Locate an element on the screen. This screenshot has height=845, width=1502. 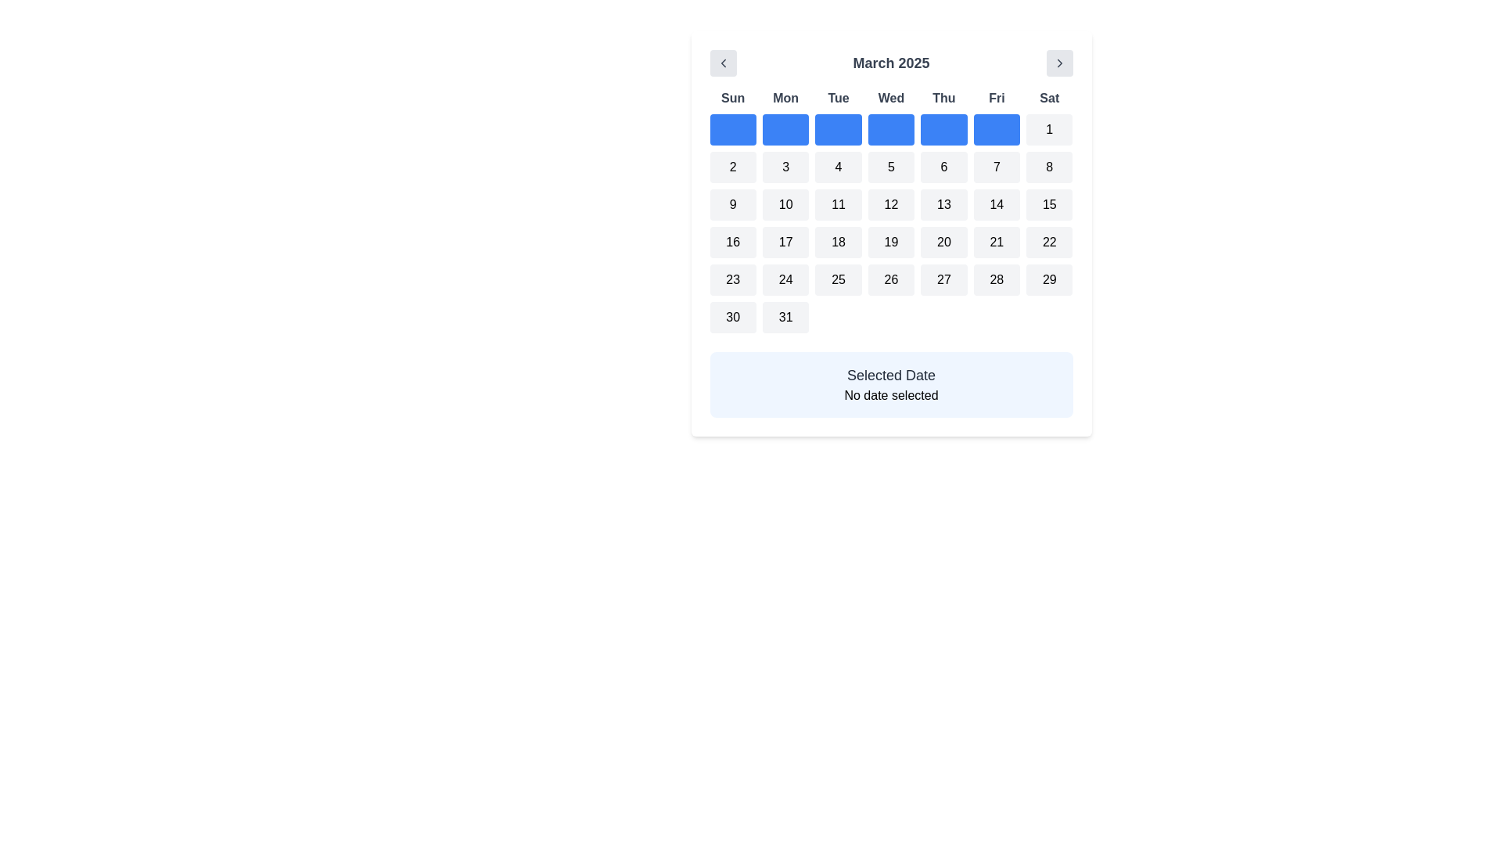
the button representing the 23rd day of March 2025 in the calendar is located at coordinates (732, 279).